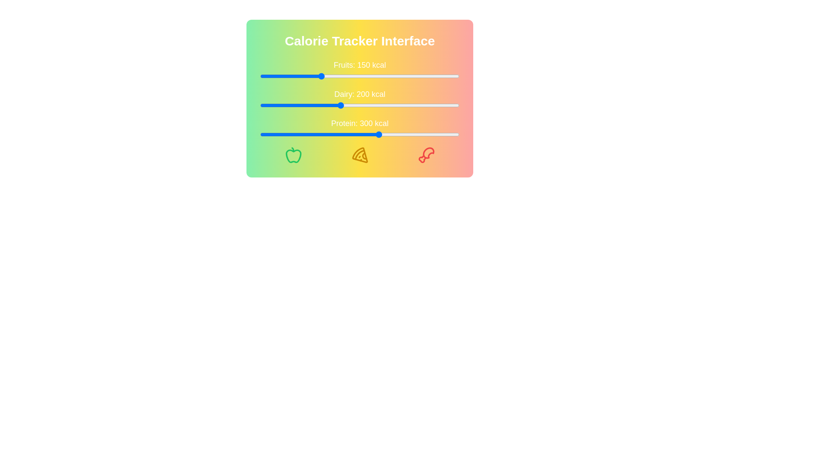 The image size is (823, 463). What do you see at coordinates (283, 105) in the screenshot?
I see `the Dairy calorie slider to 59 kcal` at bounding box center [283, 105].